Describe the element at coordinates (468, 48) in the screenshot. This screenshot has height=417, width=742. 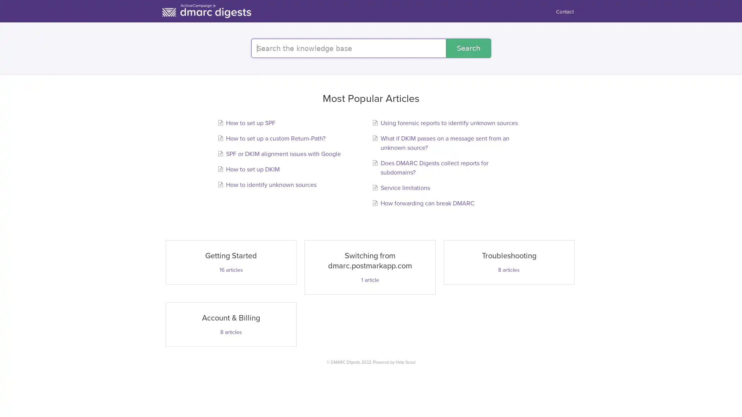
I see `Search` at that location.